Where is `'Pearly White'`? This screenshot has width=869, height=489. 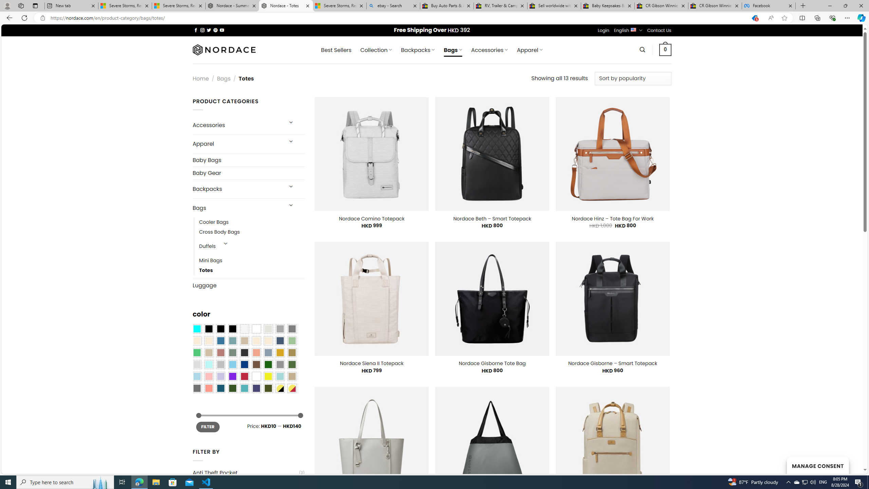
'Pearly White' is located at coordinates (244, 329).